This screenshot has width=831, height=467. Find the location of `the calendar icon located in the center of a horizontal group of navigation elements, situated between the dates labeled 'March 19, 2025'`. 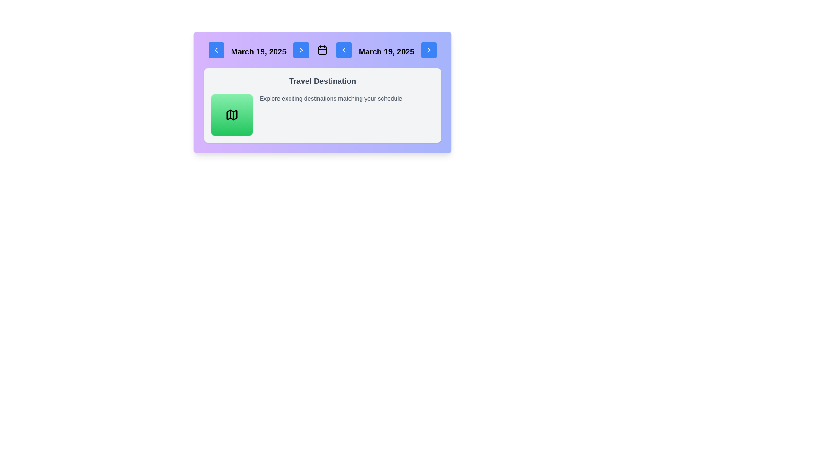

the calendar icon located in the center of a horizontal group of navigation elements, situated between the dates labeled 'March 19, 2025' is located at coordinates (322, 50).